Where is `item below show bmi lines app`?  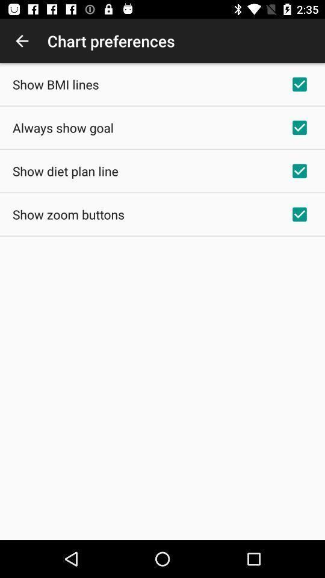 item below show bmi lines app is located at coordinates (63, 128).